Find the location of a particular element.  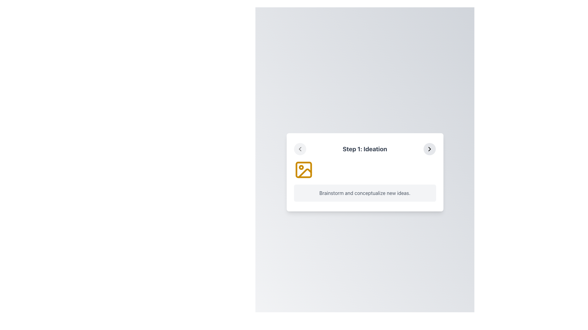

the small circular SVG graphic element located at the center of the icon within the card titled 'Step 1: Ideation' is located at coordinates (301, 167).